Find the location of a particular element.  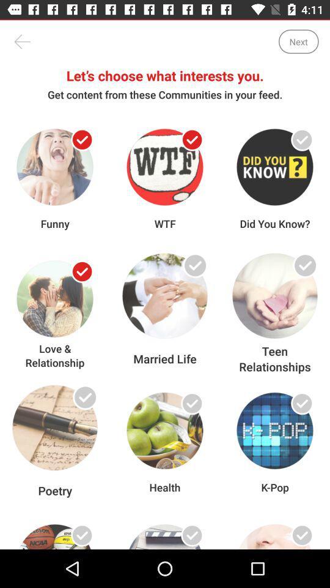

selection check box is located at coordinates (192, 140).